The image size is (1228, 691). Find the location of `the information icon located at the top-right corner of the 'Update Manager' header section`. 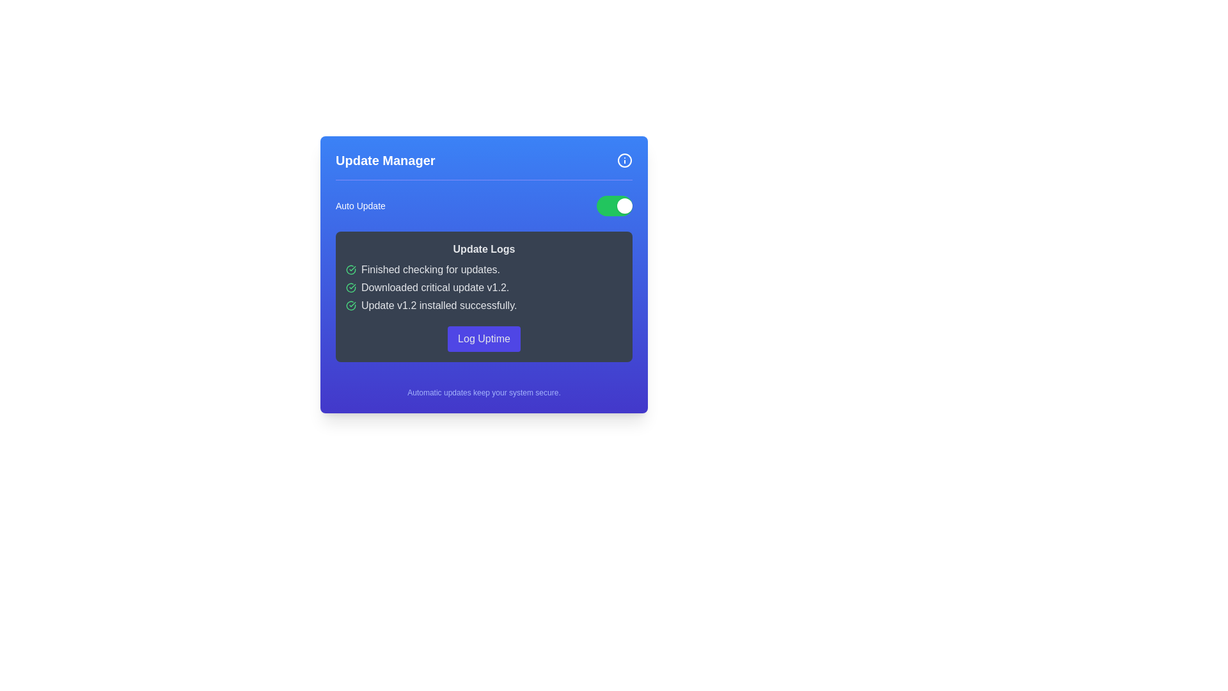

the information icon located at the top-right corner of the 'Update Manager' header section is located at coordinates (625, 159).